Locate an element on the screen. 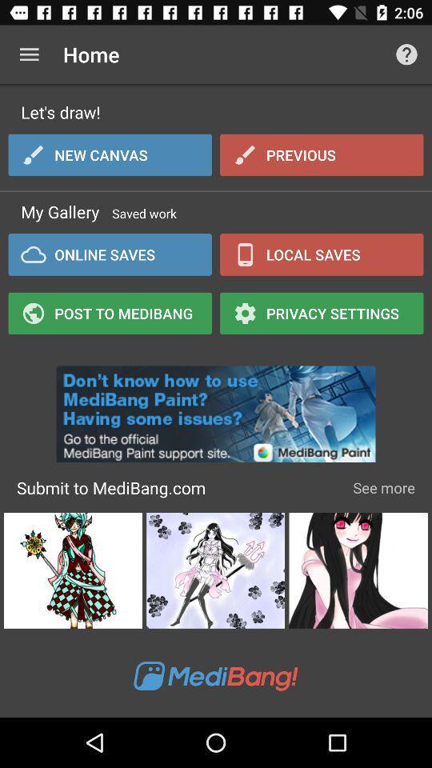 The width and height of the screenshot is (432, 768). home is located at coordinates (29, 54).